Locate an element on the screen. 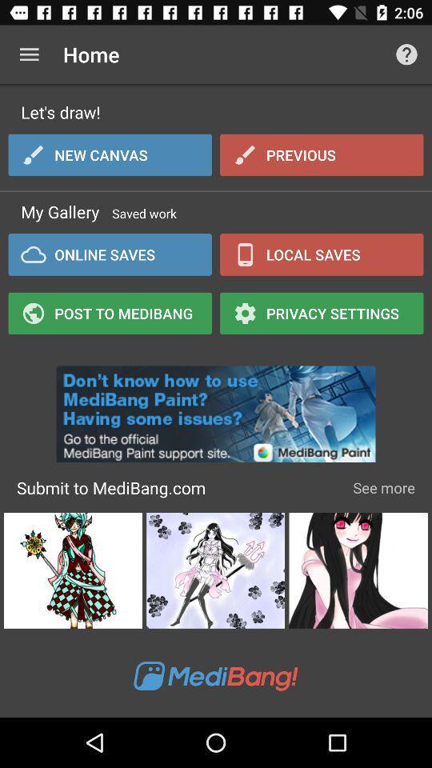 The width and height of the screenshot is (432, 768). home is located at coordinates (29, 54).